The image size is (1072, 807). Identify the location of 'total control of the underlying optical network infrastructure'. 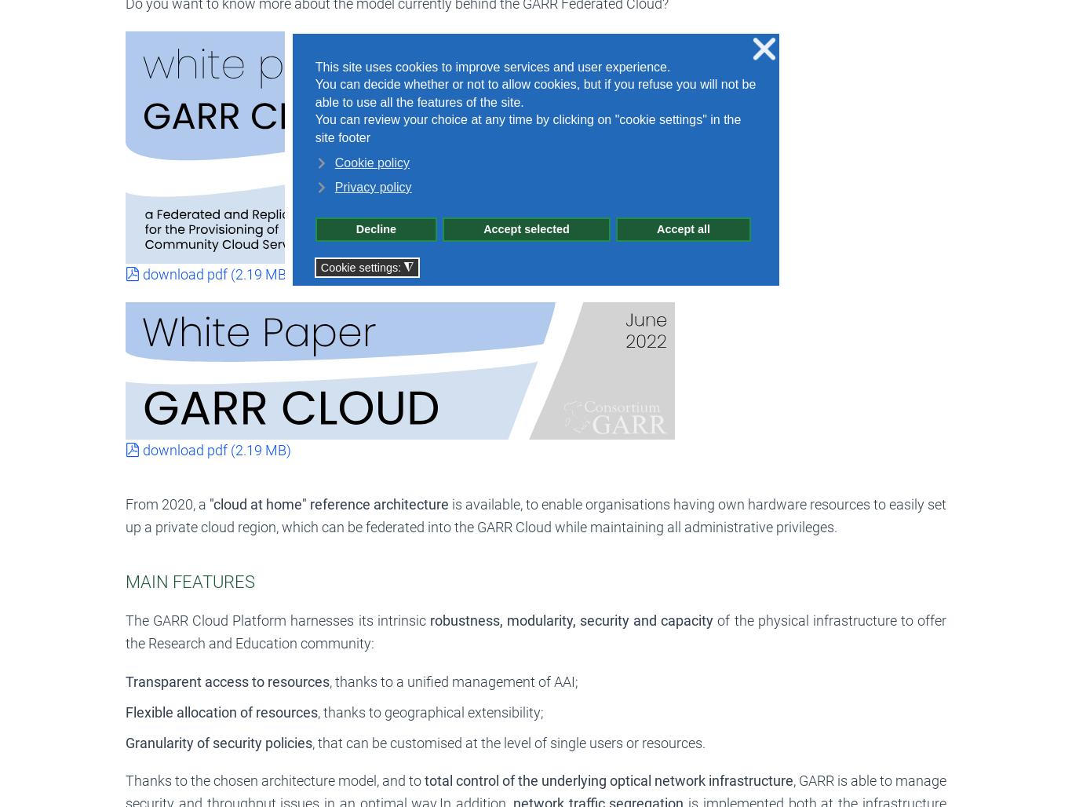
(609, 780).